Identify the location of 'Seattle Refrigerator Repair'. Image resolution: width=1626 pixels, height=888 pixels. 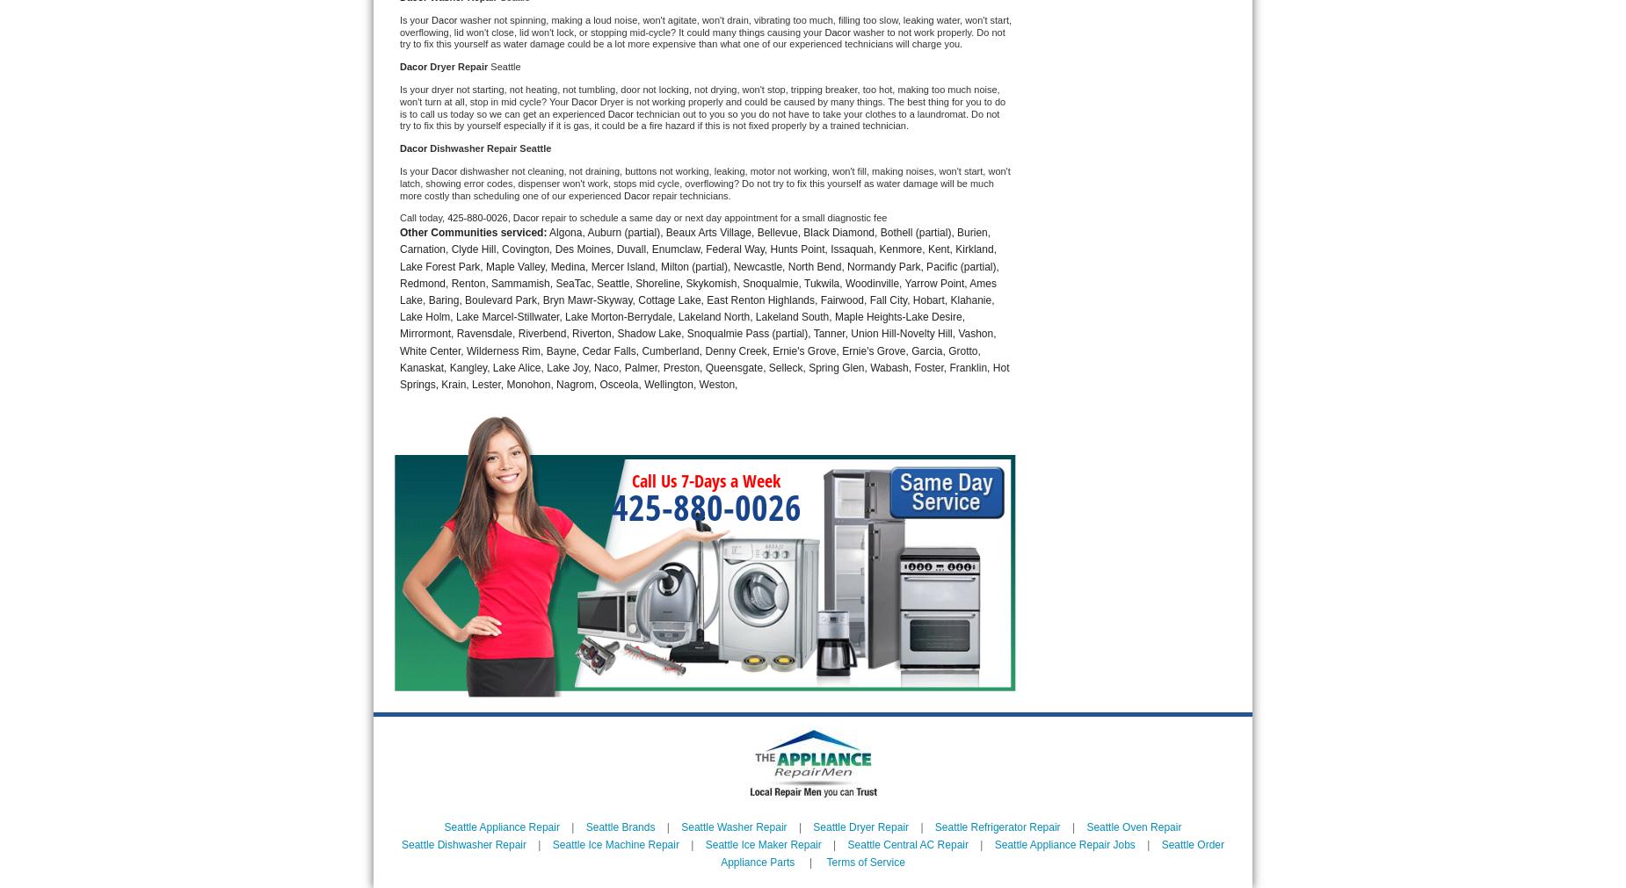
(933, 827).